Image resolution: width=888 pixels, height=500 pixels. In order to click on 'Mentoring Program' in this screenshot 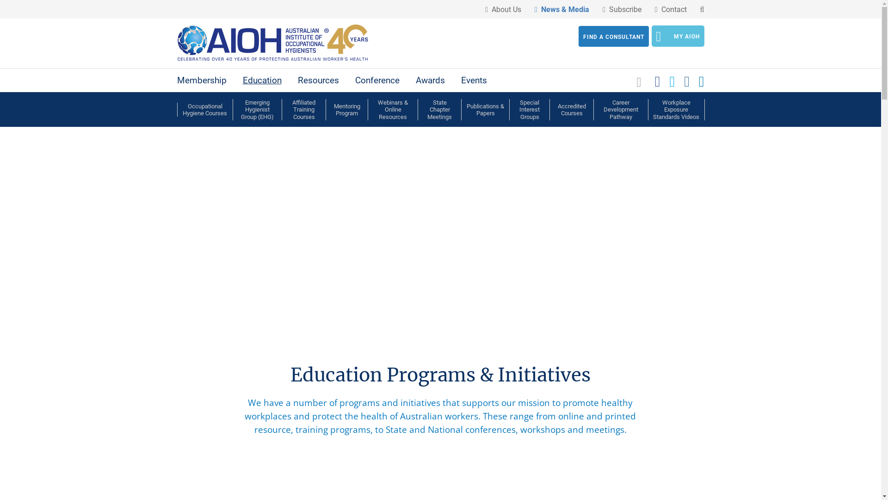, I will do `click(346, 109)`.